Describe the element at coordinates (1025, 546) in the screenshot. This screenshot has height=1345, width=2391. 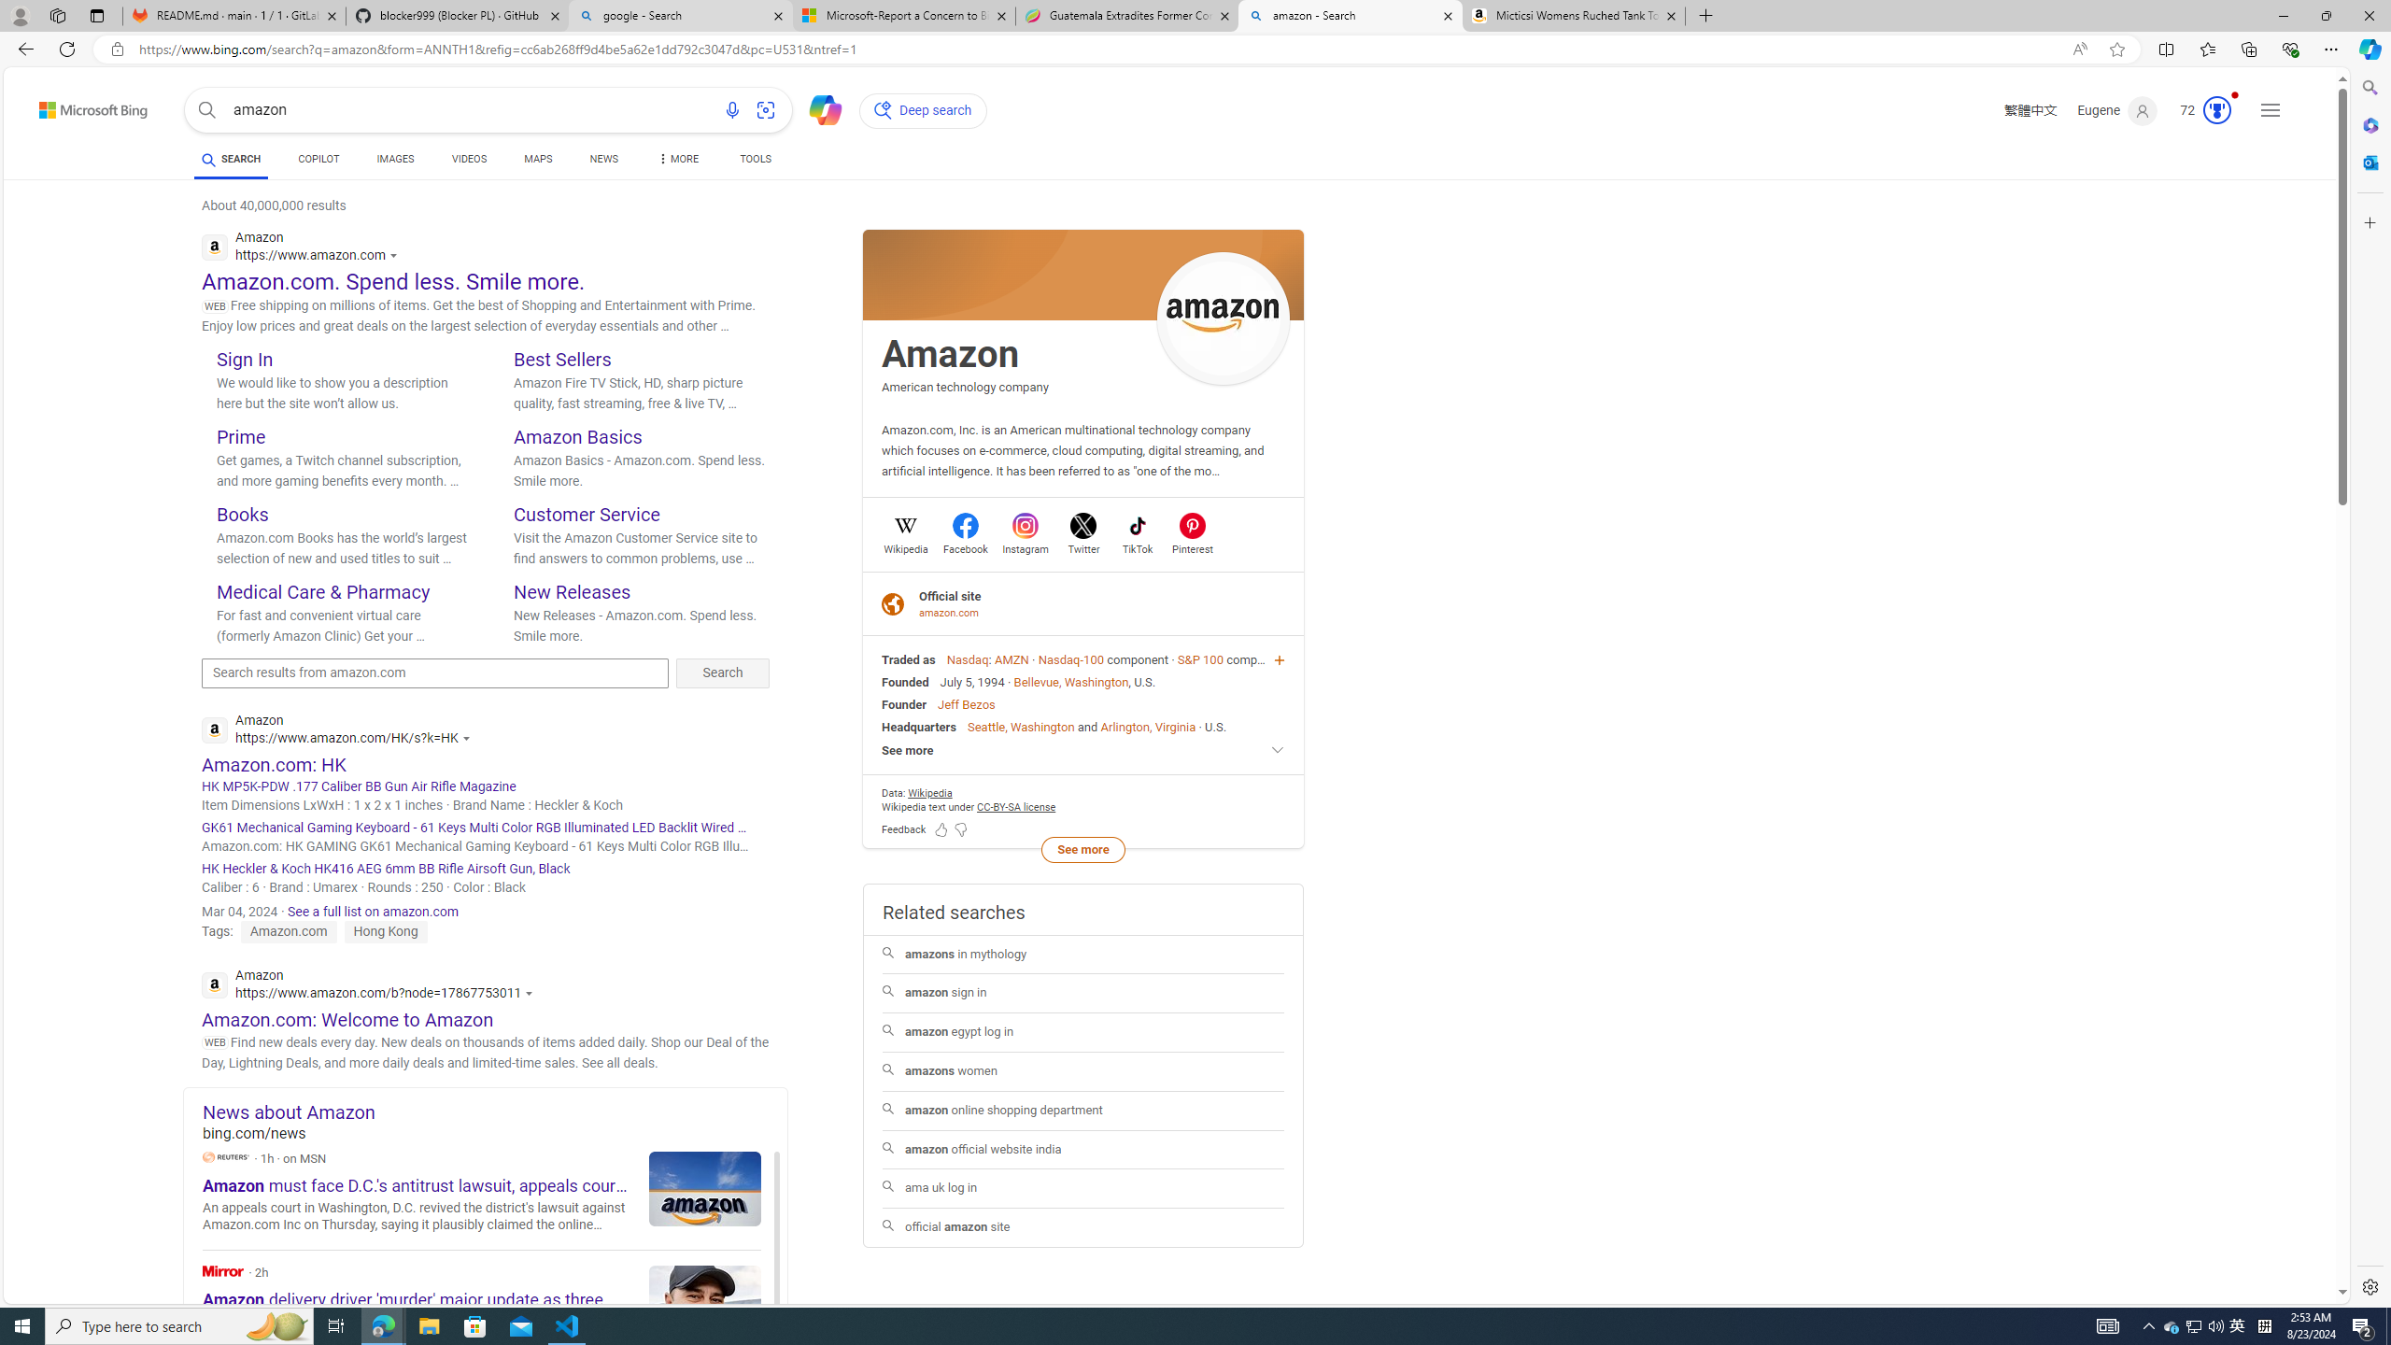
I see `'Instagram'` at that location.